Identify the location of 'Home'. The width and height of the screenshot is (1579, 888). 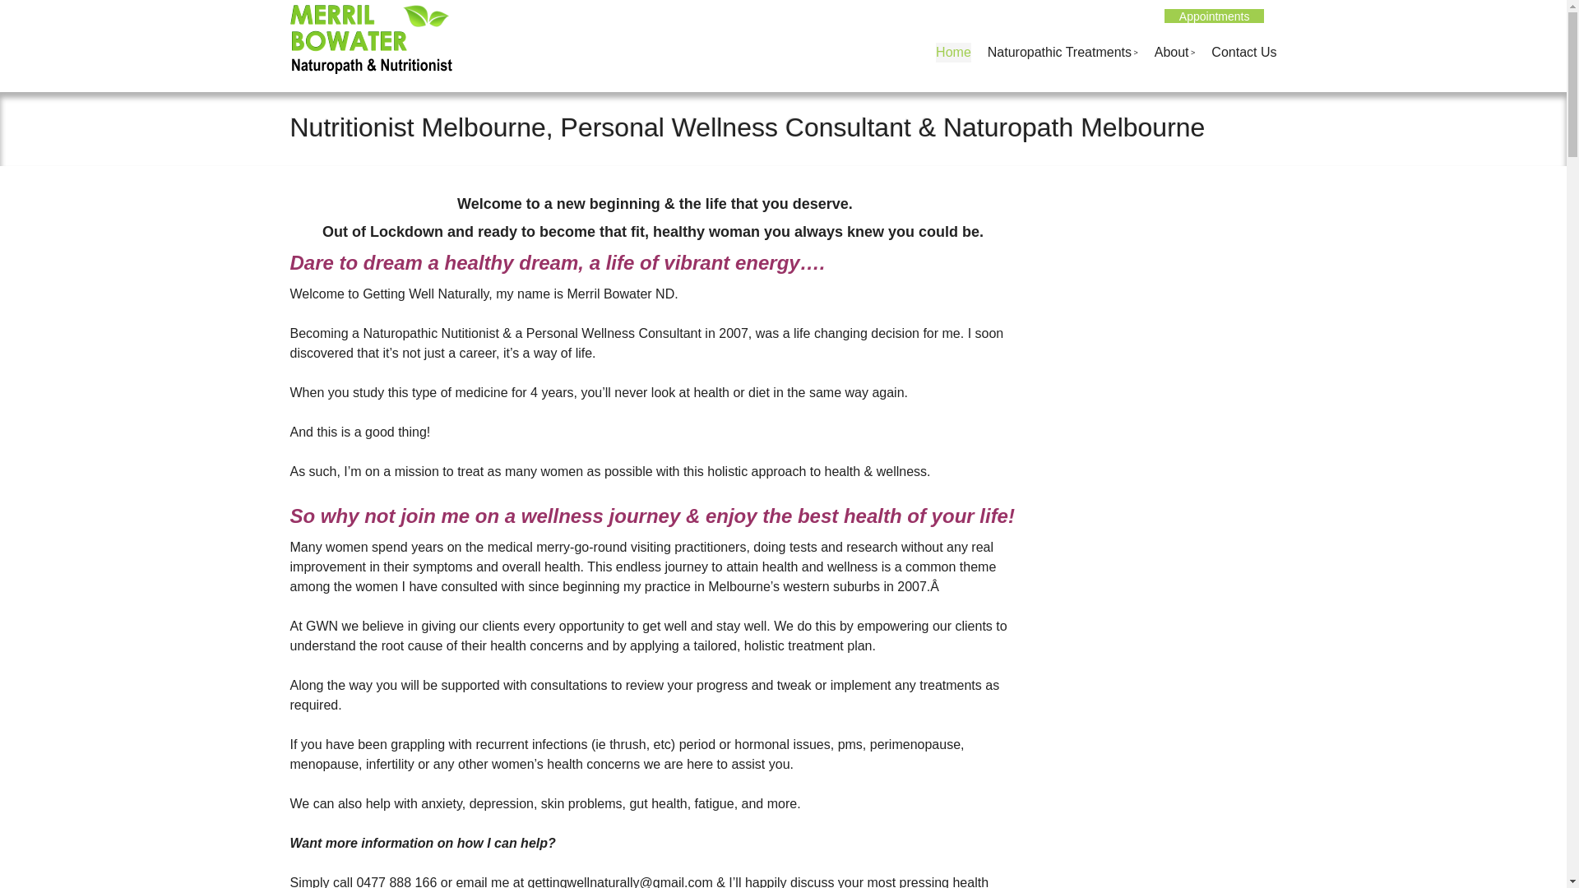
(953, 52).